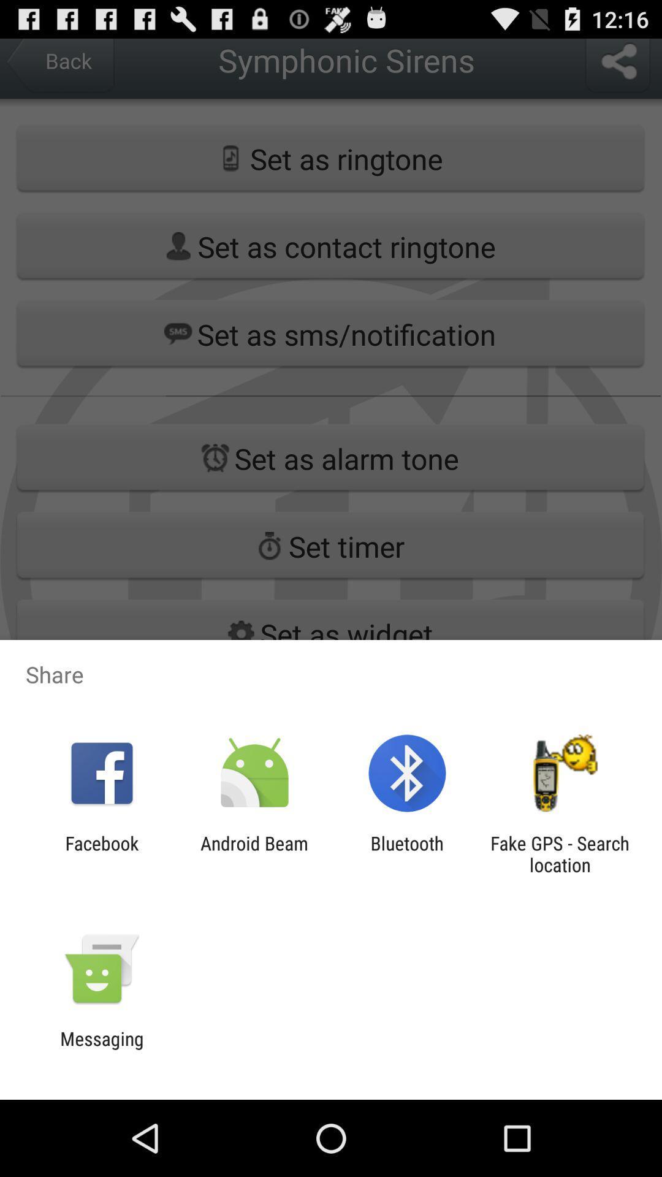 This screenshot has width=662, height=1177. What do you see at coordinates (407, 853) in the screenshot?
I see `the icon next to the fake gps search item` at bounding box center [407, 853].